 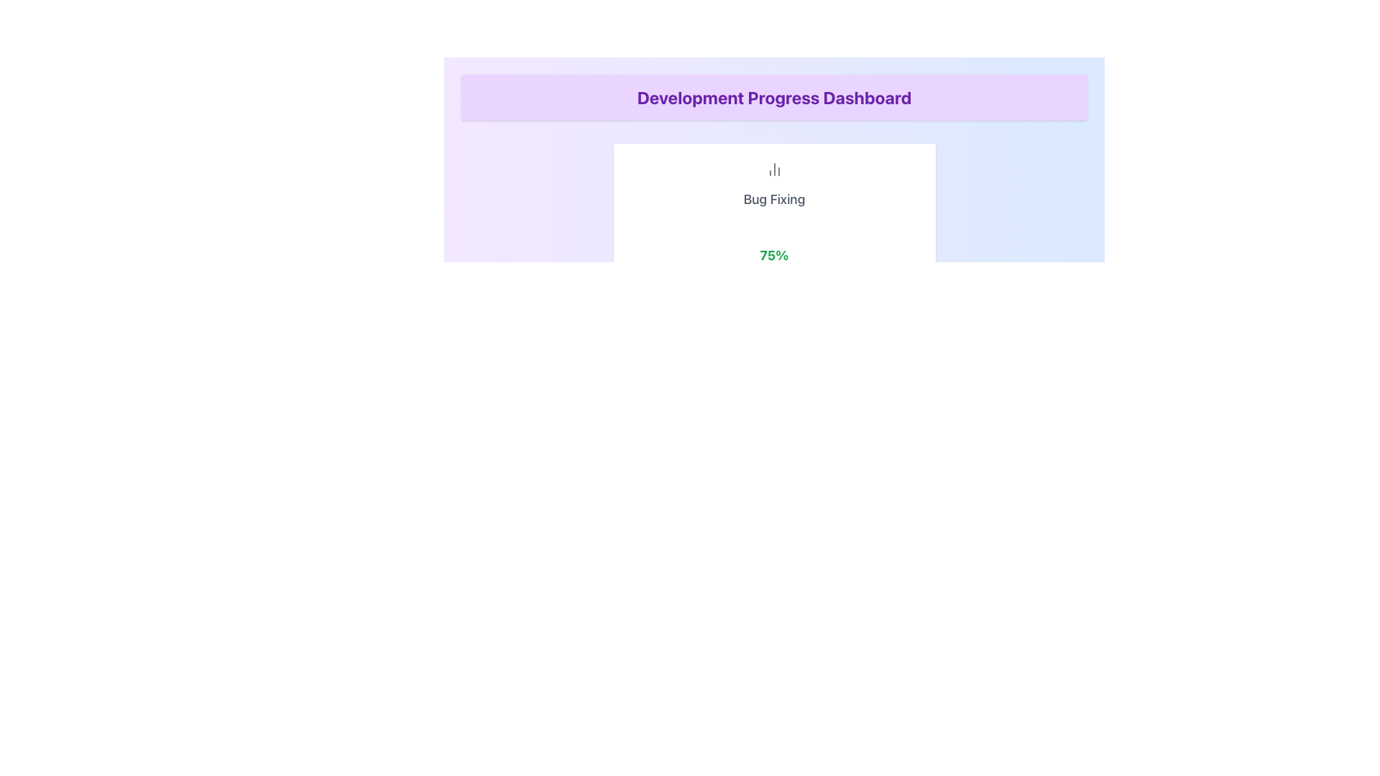 I want to click on text content of the Text Header that displays 'Development Progress Dashboard', which is styled with a bold, large font in purple against a purple background, so click(x=773, y=97).